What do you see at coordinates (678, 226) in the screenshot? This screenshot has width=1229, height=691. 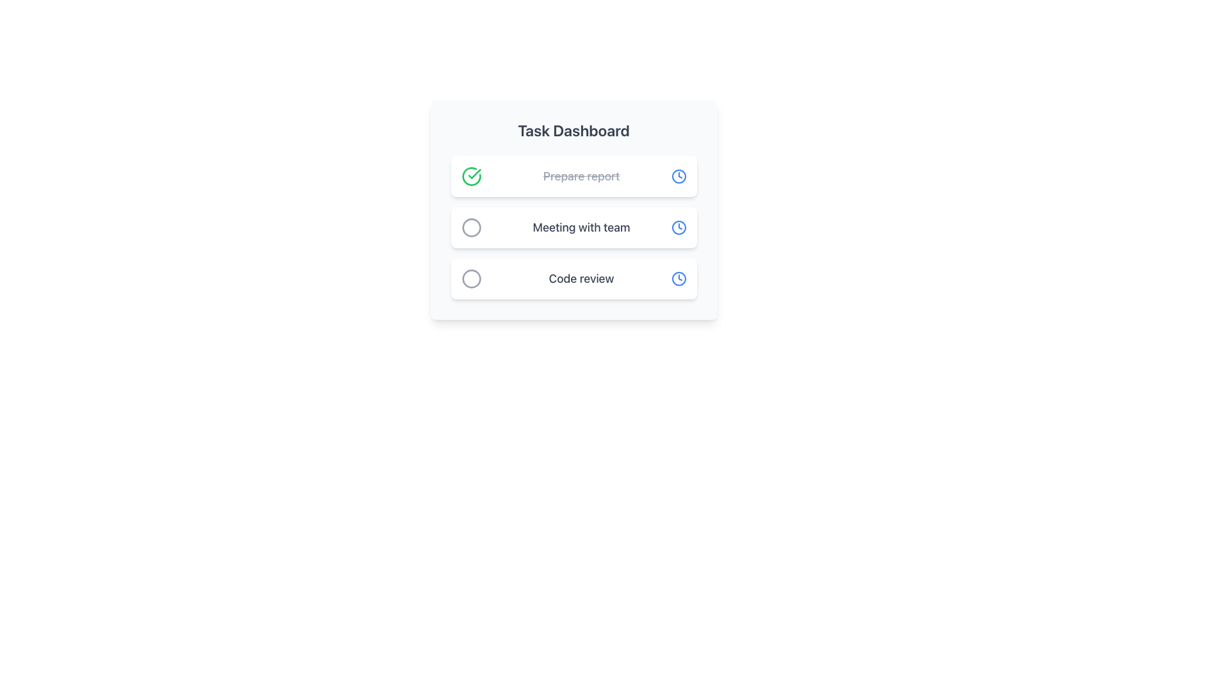 I see `the central circular component of the clock icon, which signifies a time-related action or status, located to the right of the 'Meeting with team' text` at bounding box center [678, 226].